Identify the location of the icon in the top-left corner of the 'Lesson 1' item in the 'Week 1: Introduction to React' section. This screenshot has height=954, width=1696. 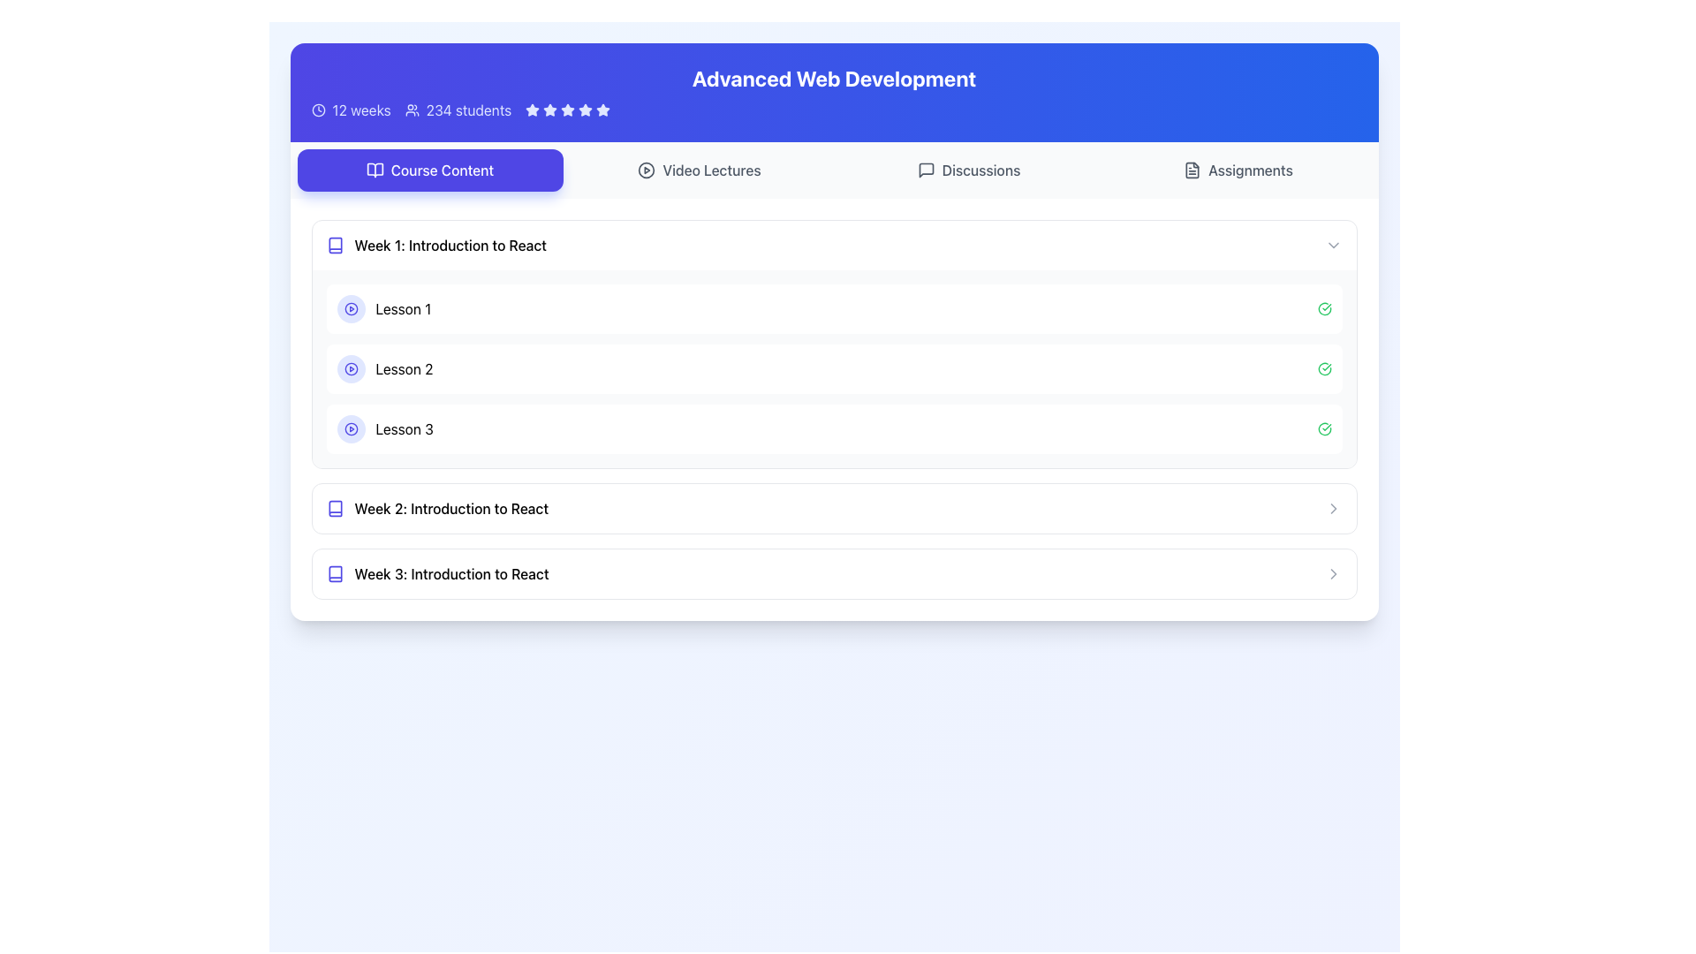
(351, 308).